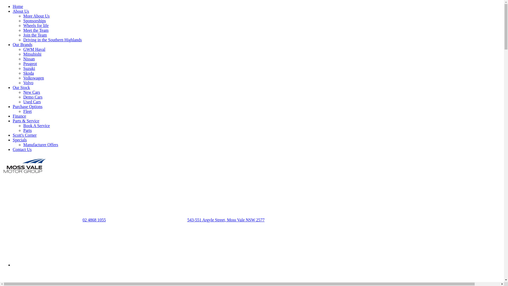 The image size is (508, 286). Describe the element at coordinates (30, 63) in the screenshot. I see `'Peugeot'` at that location.